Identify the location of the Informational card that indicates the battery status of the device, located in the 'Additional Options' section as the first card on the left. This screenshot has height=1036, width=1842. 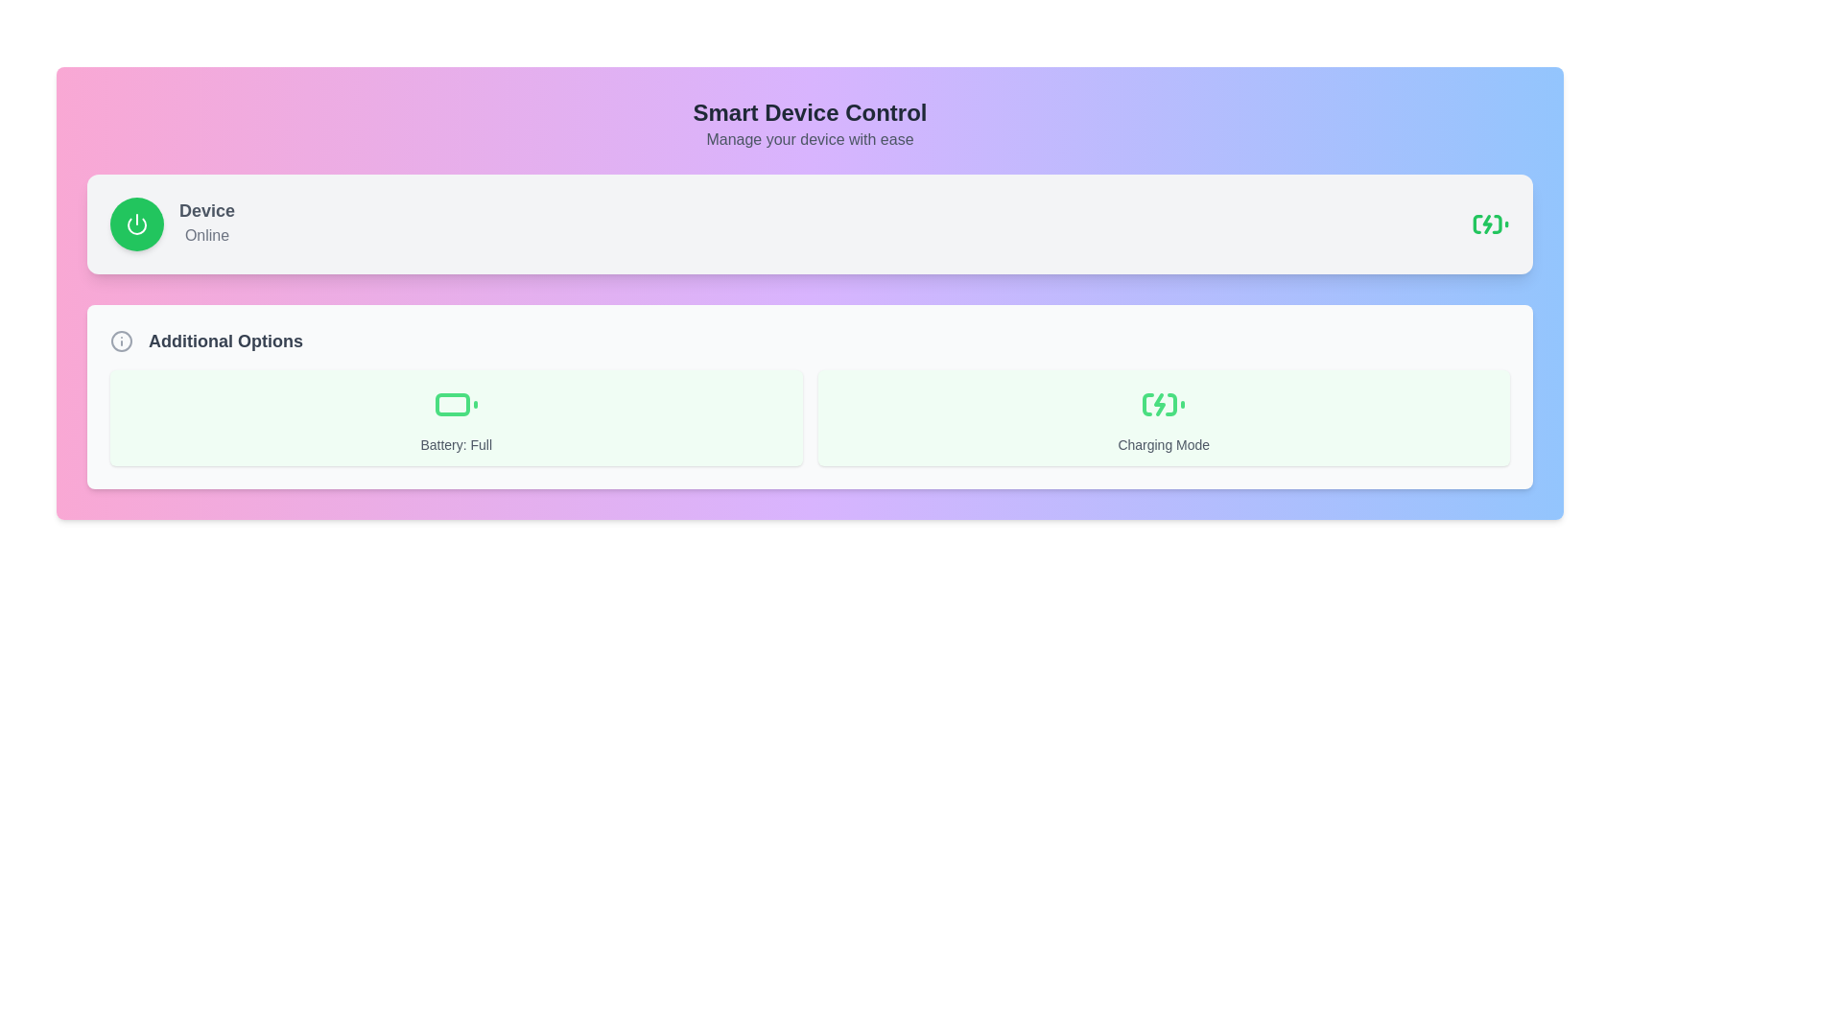
(455, 416).